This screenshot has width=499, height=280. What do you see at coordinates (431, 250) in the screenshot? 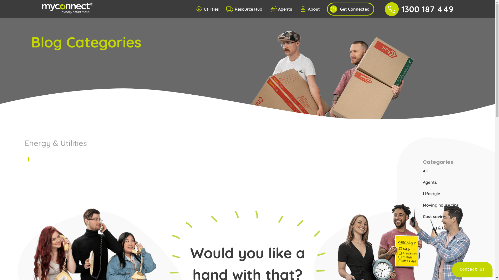
I see `'Renting'` at bounding box center [431, 250].